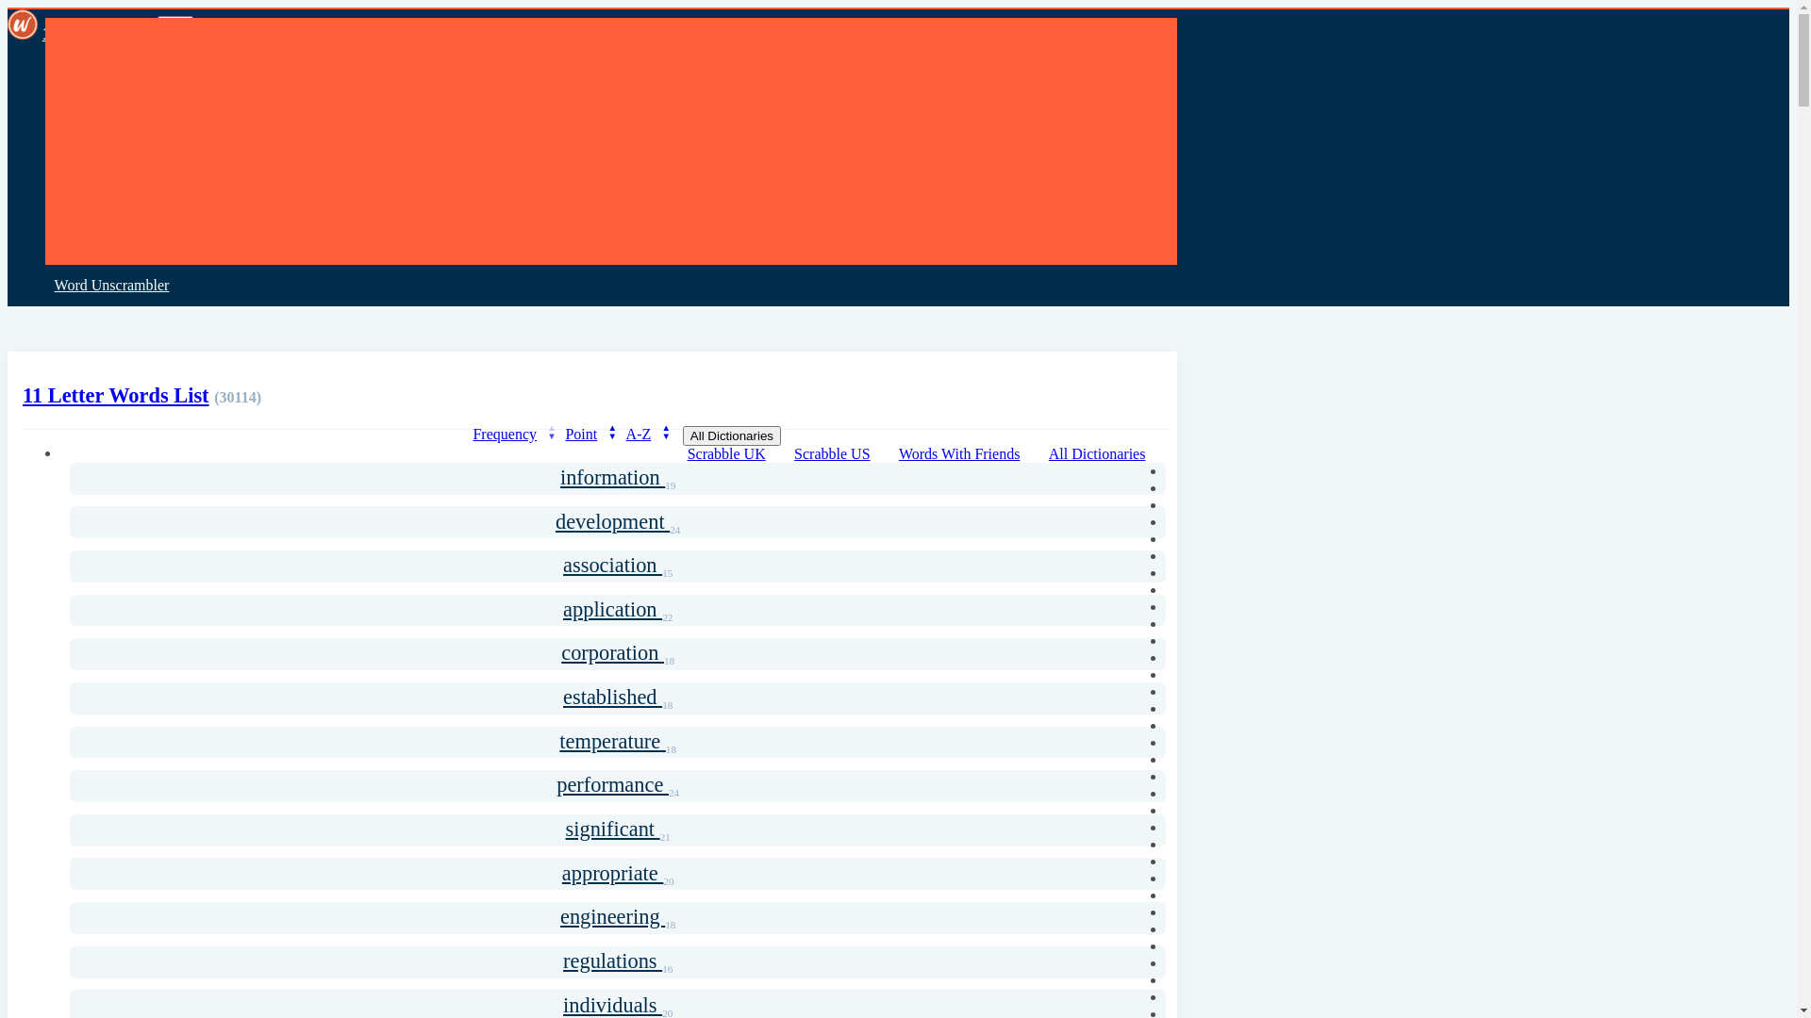  I want to click on '11 Letter Words List', so click(115, 394).